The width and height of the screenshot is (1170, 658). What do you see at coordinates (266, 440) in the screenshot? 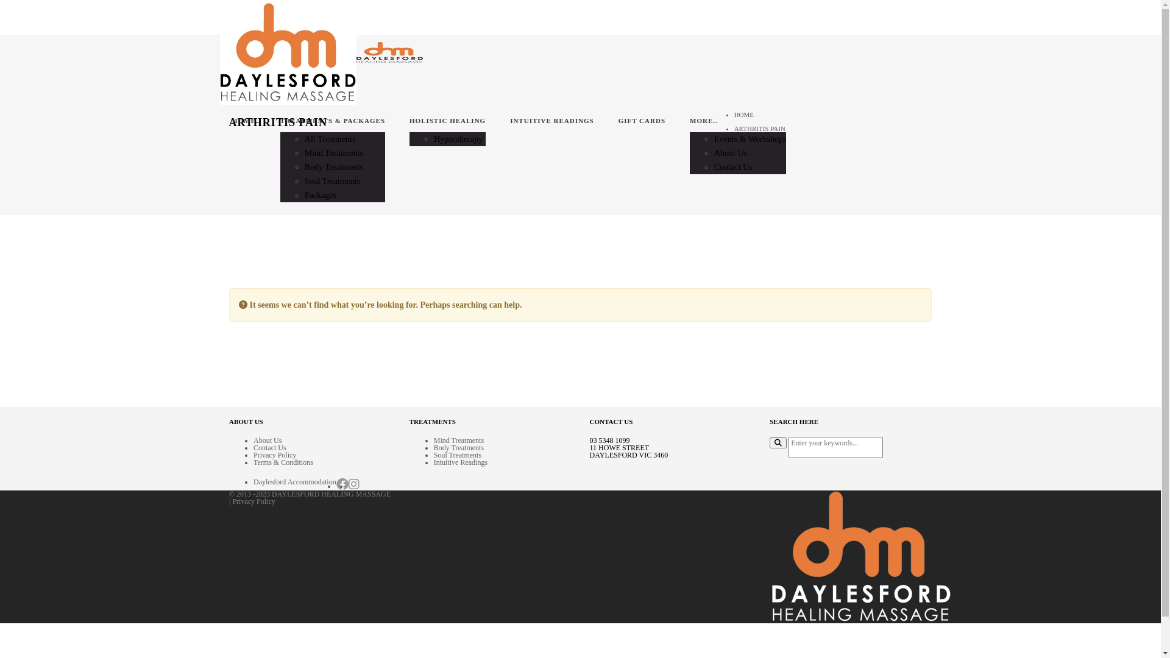
I see `'About Us'` at bounding box center [266, 440].